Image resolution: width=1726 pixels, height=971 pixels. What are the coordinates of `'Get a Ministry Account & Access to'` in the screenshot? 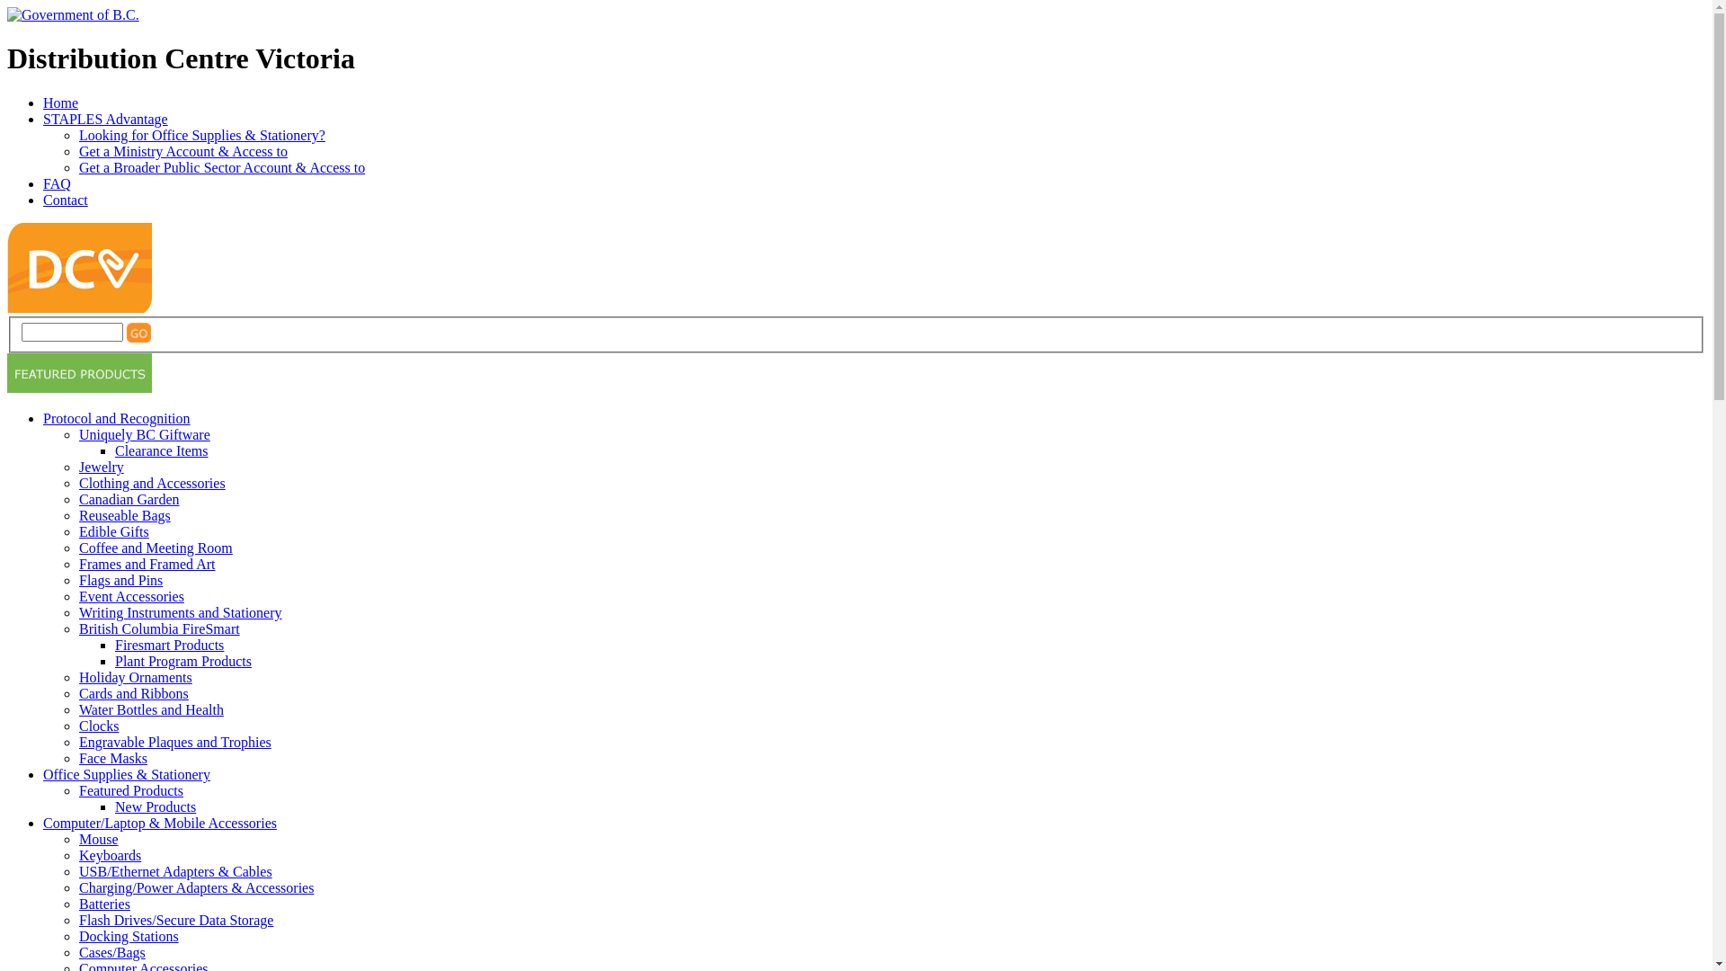 It's located at (182, 150).